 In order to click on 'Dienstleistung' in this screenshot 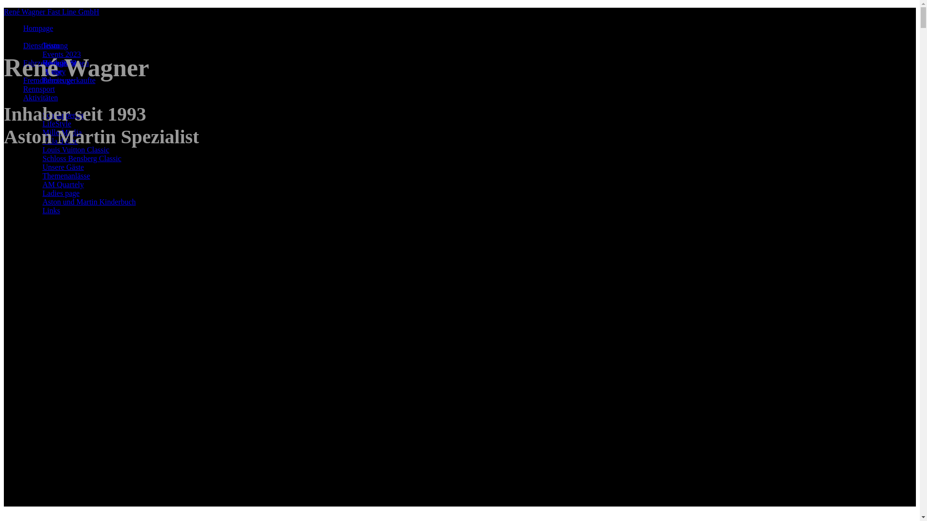, I will do `click(45, 45)`.